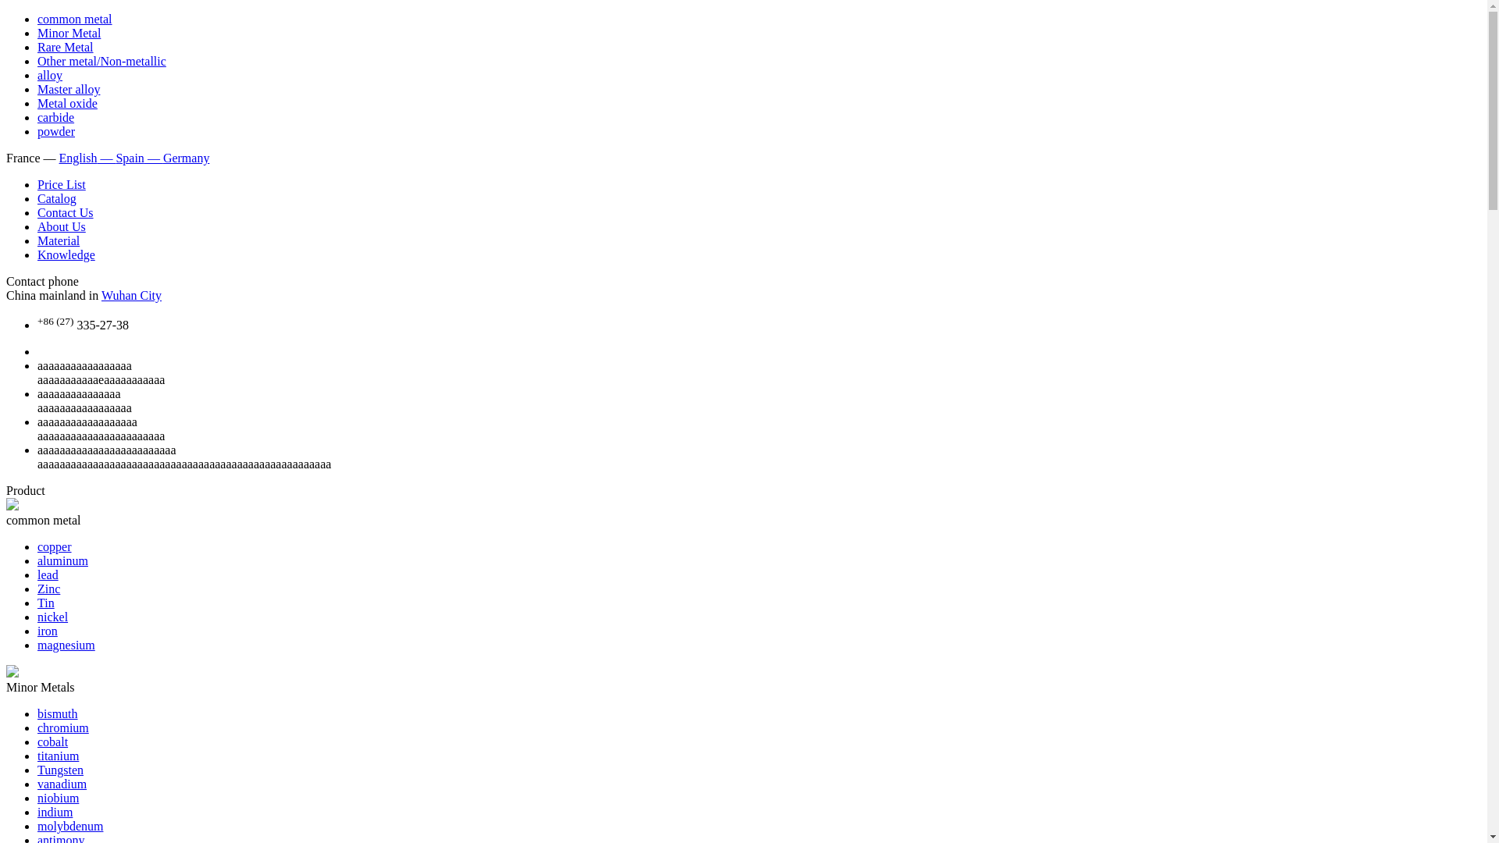  I want to click on 'Zinc', so click(37, 589).